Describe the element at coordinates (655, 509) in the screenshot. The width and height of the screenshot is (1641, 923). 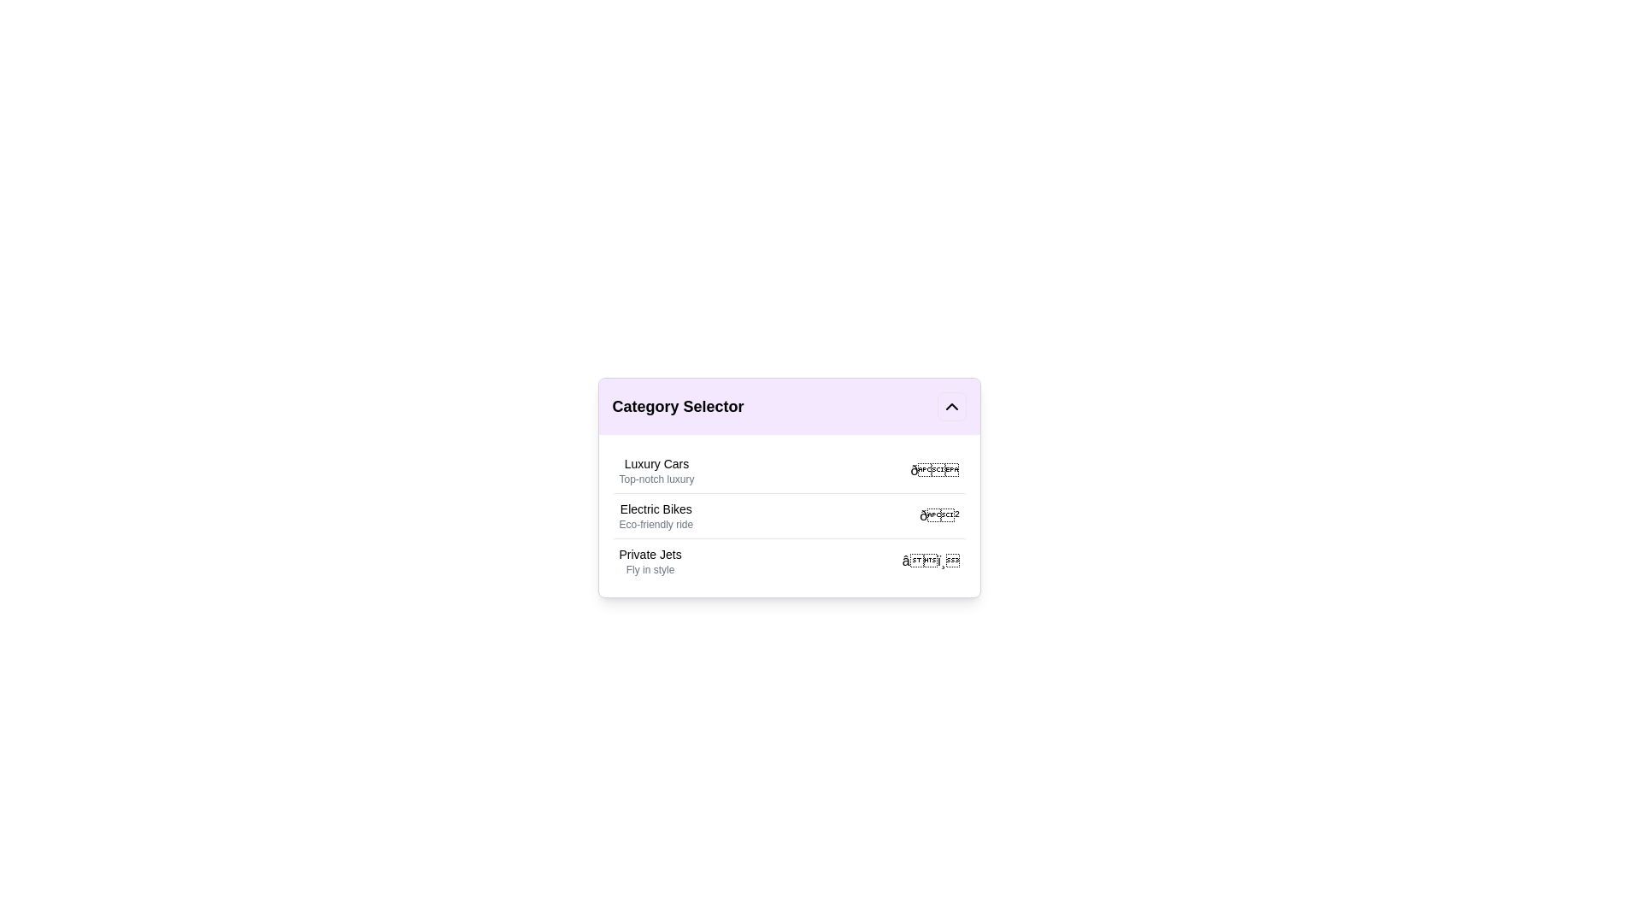
I see `the text label displaying 'Electric Bikes', which is styled as a heading in a category pane, located centrally between 'Luxury Cars' and 'Private Jets'` at that location.